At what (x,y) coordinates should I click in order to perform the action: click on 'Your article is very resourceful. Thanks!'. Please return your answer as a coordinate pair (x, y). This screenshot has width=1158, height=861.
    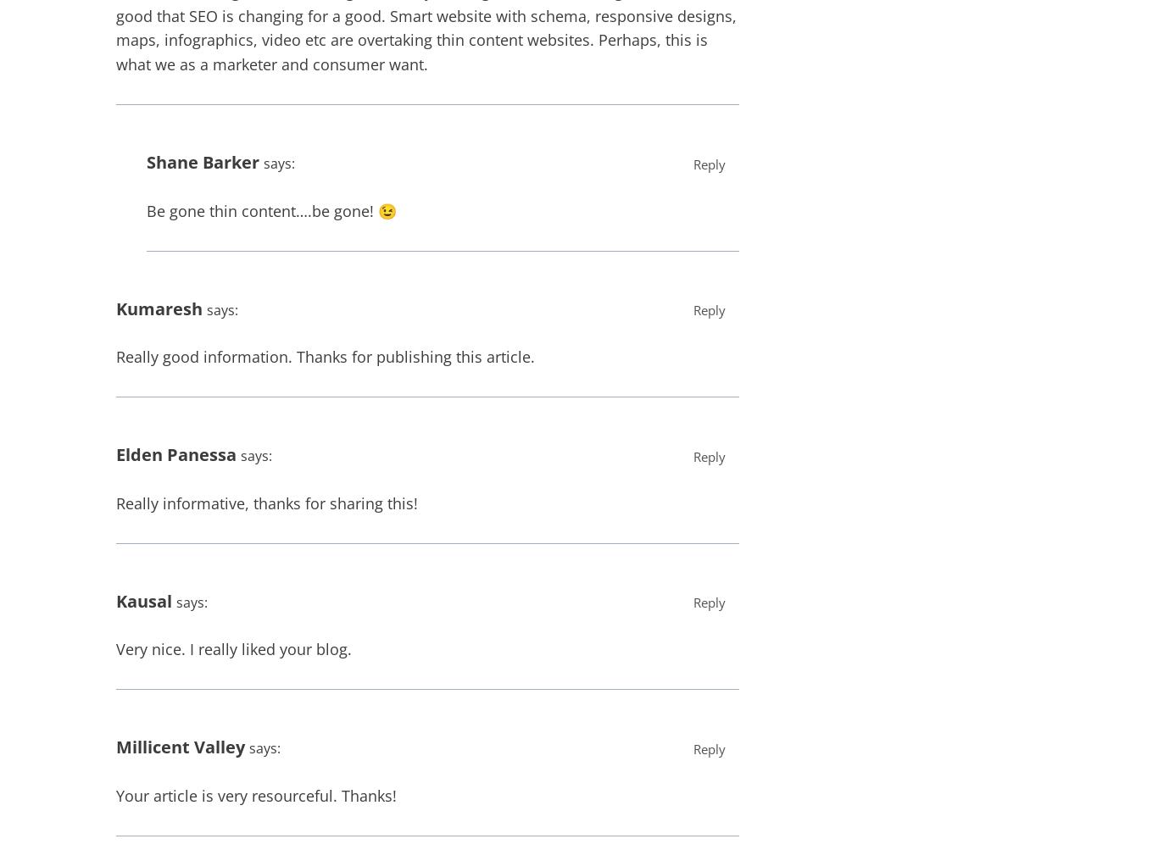
    Looking at the image, I should click on (256, 794).